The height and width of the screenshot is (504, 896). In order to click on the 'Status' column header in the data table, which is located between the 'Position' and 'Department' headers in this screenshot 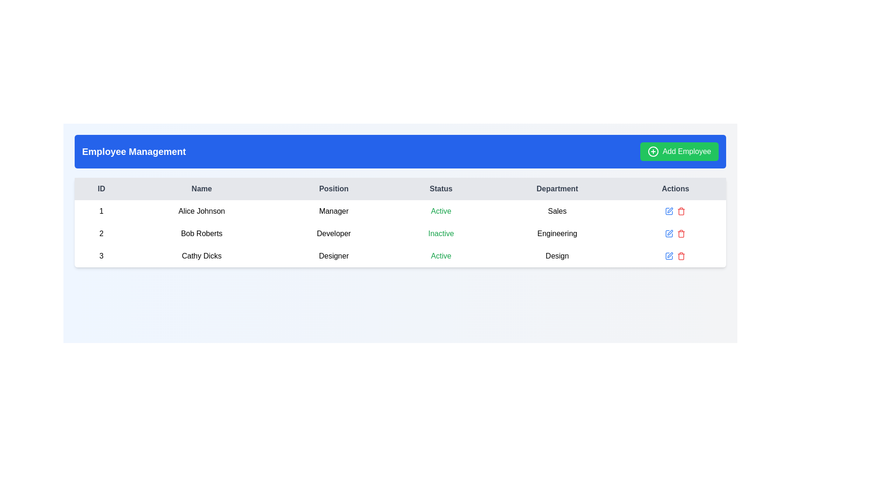, I will do `click(441, 189)`.